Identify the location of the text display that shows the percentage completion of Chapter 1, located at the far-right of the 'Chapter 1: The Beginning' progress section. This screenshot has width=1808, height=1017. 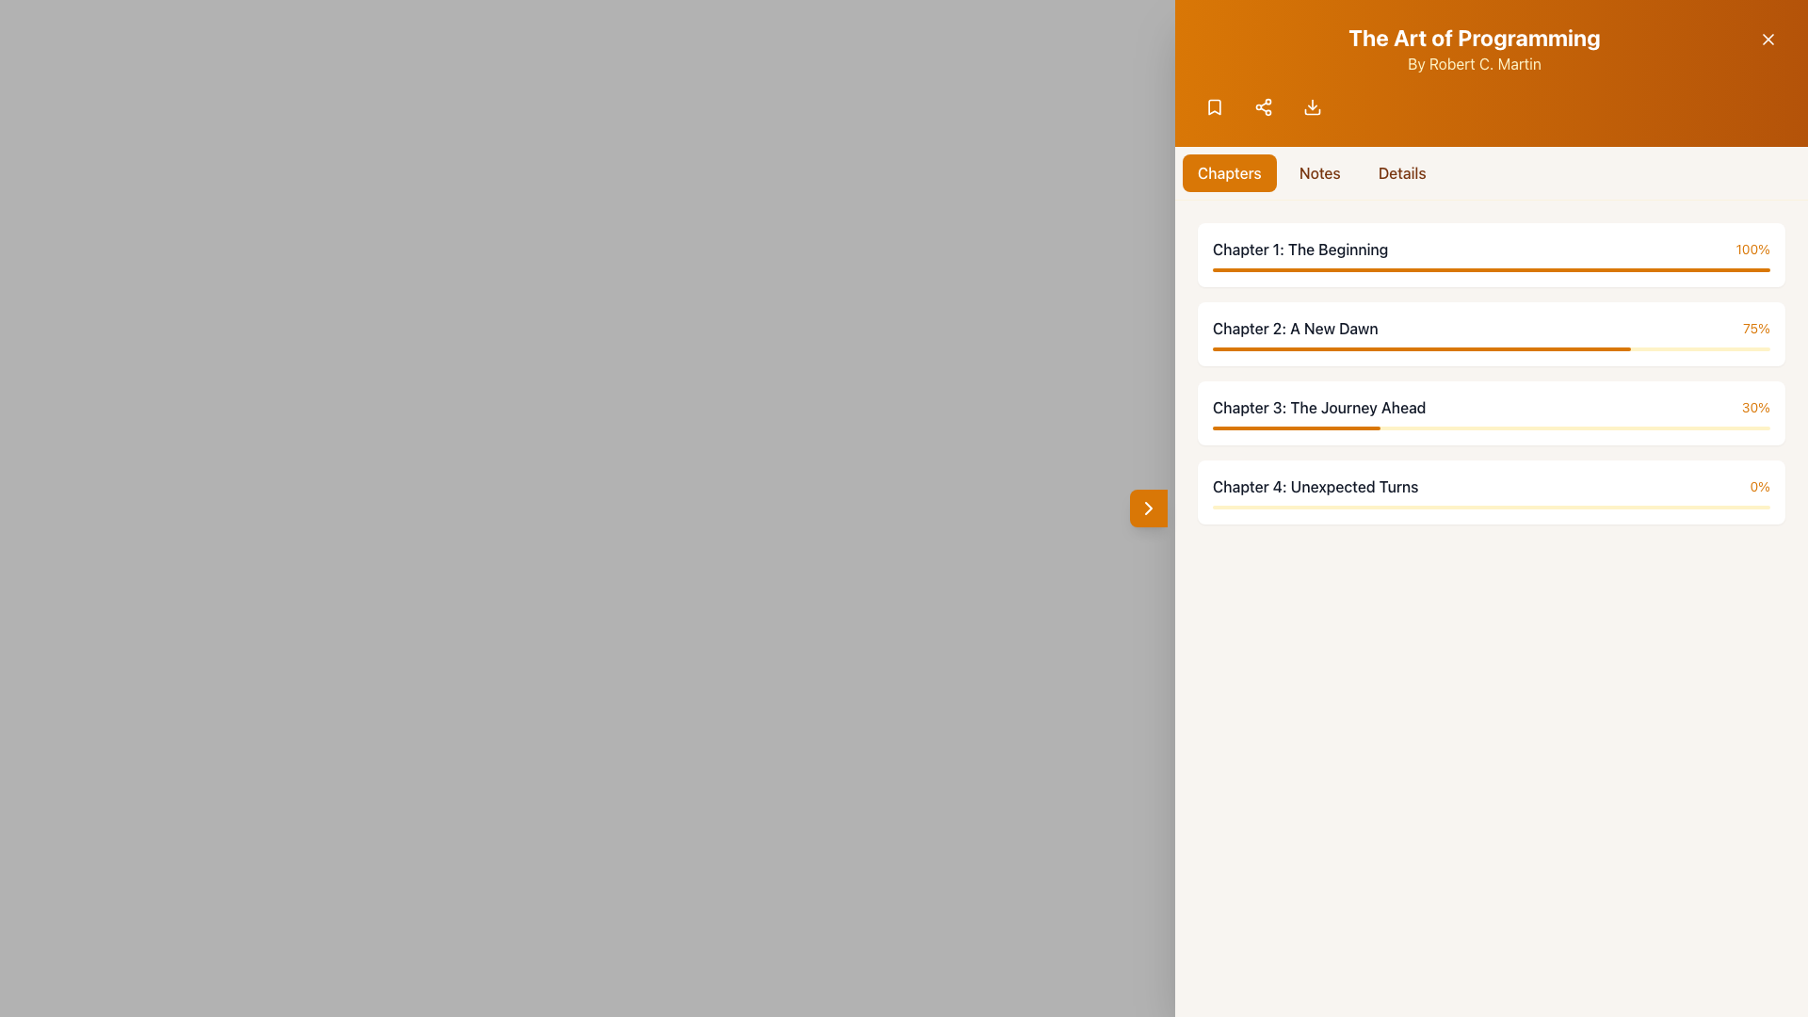
(1751, 249).